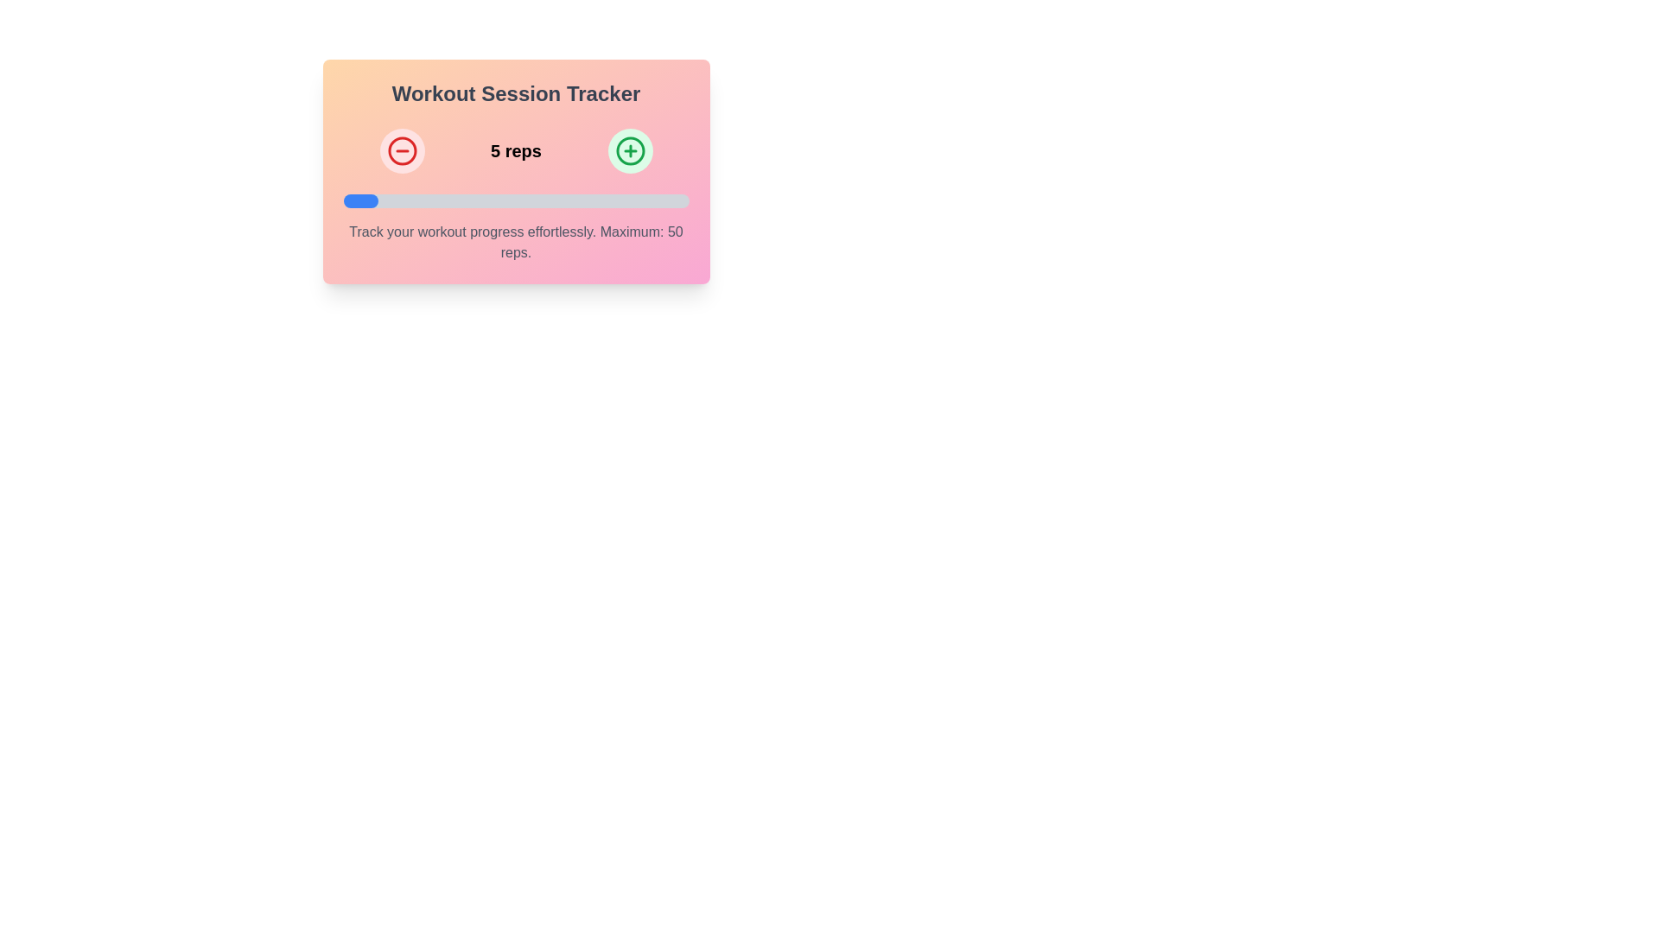  Describe the element at coordinates (457, 200) in the screenshot. I see `slider progress` at that location.